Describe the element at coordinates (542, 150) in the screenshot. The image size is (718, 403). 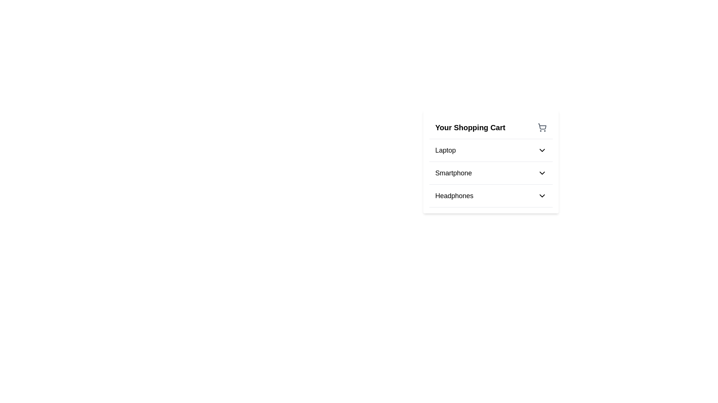
I see `the chevron-down toggle icon located to the far right of the 'Laptop' list item to observe potential hover effects` at that location.